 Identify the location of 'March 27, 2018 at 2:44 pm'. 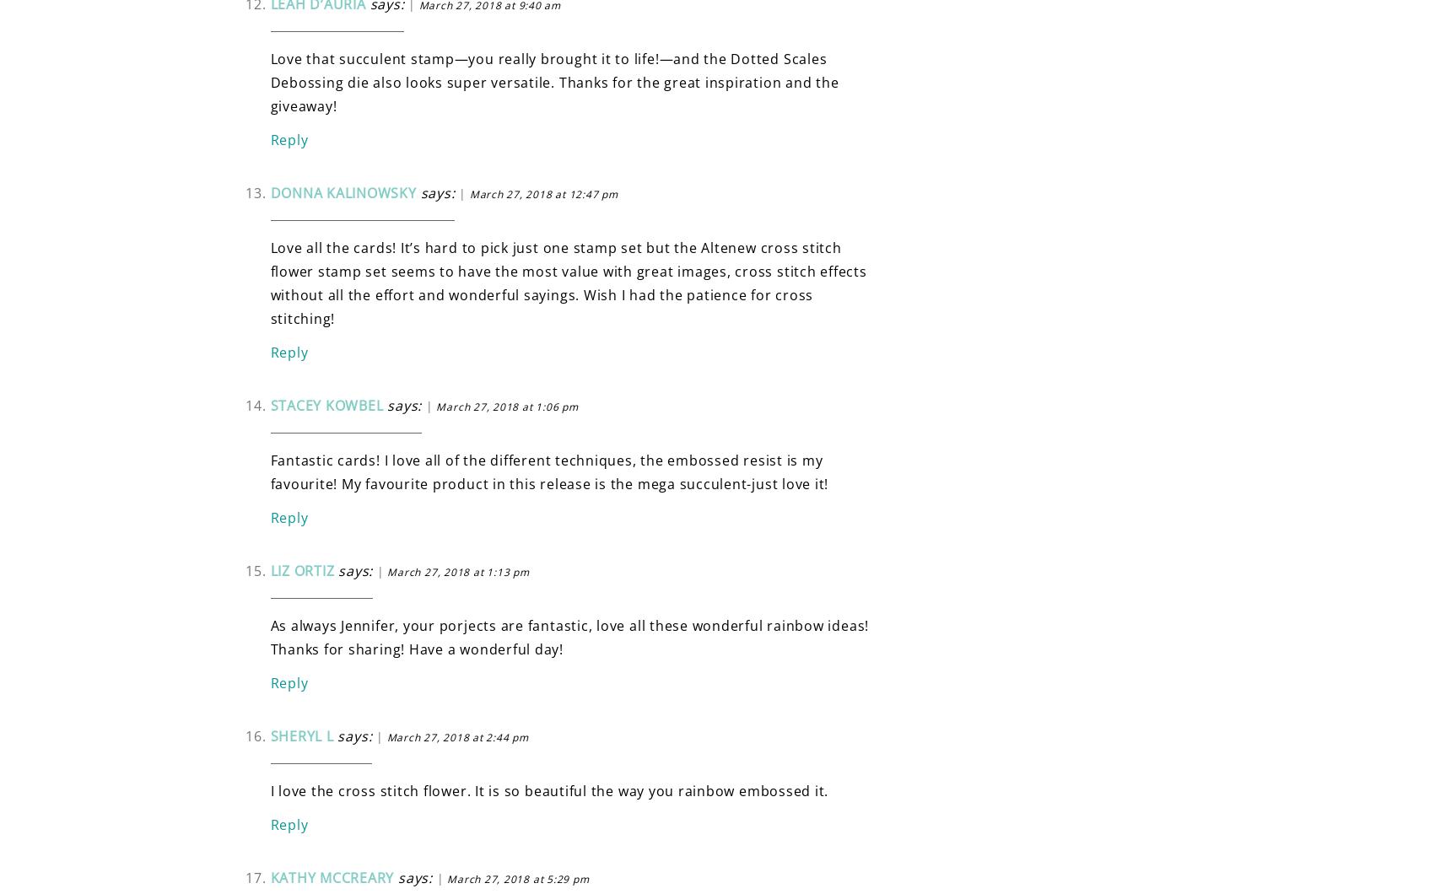
(456, 736).